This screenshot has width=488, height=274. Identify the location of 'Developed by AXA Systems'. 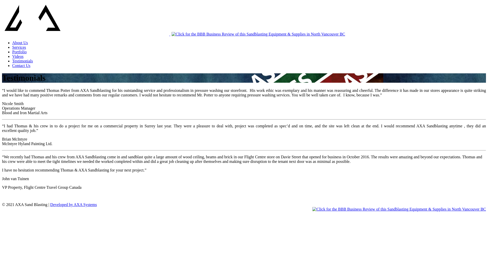
(73, 204).